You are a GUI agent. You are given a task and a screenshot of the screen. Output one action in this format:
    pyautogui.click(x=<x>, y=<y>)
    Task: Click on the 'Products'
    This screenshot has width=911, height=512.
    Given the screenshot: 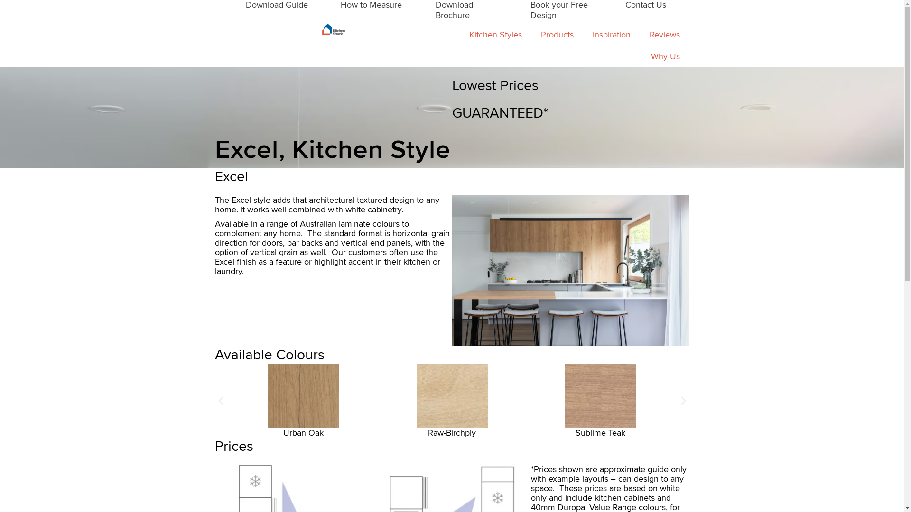 What is the action you would take?
    pyautogui.click(x=557, y=34)
    